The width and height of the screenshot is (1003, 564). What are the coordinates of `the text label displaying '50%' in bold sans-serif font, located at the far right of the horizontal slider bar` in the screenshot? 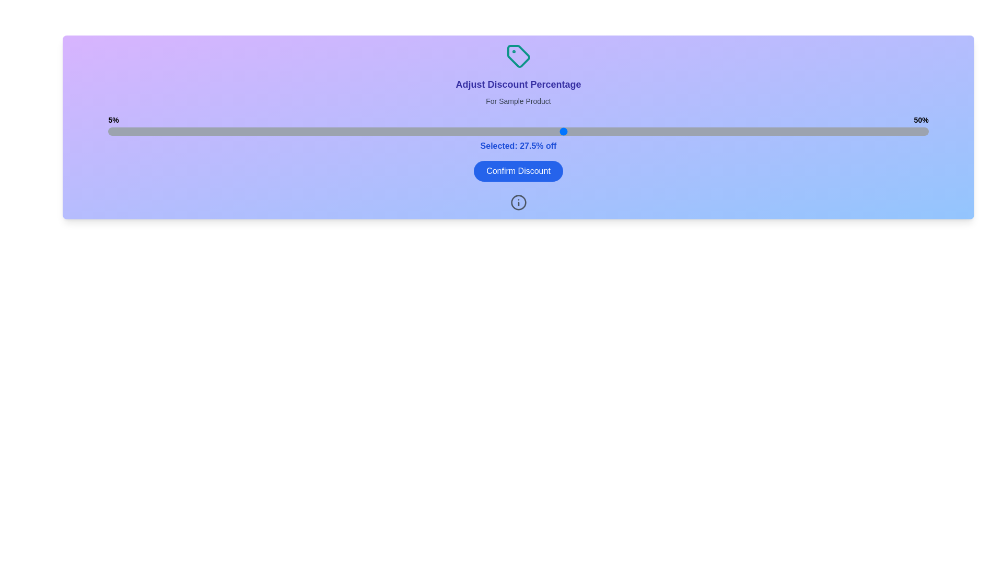 It's located at (921, 120).